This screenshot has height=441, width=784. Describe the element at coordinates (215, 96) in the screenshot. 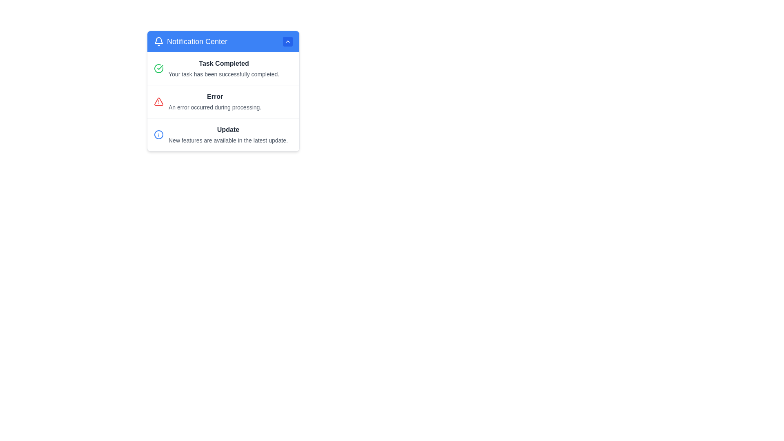

I see `bold text label 'Error' in dark gray color located in the notification panel` at that location.